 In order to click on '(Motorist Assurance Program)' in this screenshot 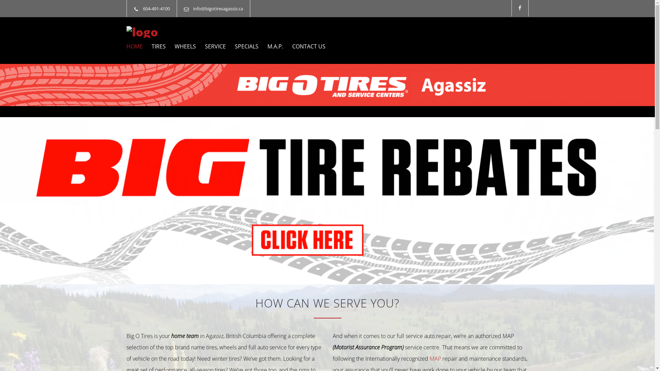, I will do `click(368, 347)`.